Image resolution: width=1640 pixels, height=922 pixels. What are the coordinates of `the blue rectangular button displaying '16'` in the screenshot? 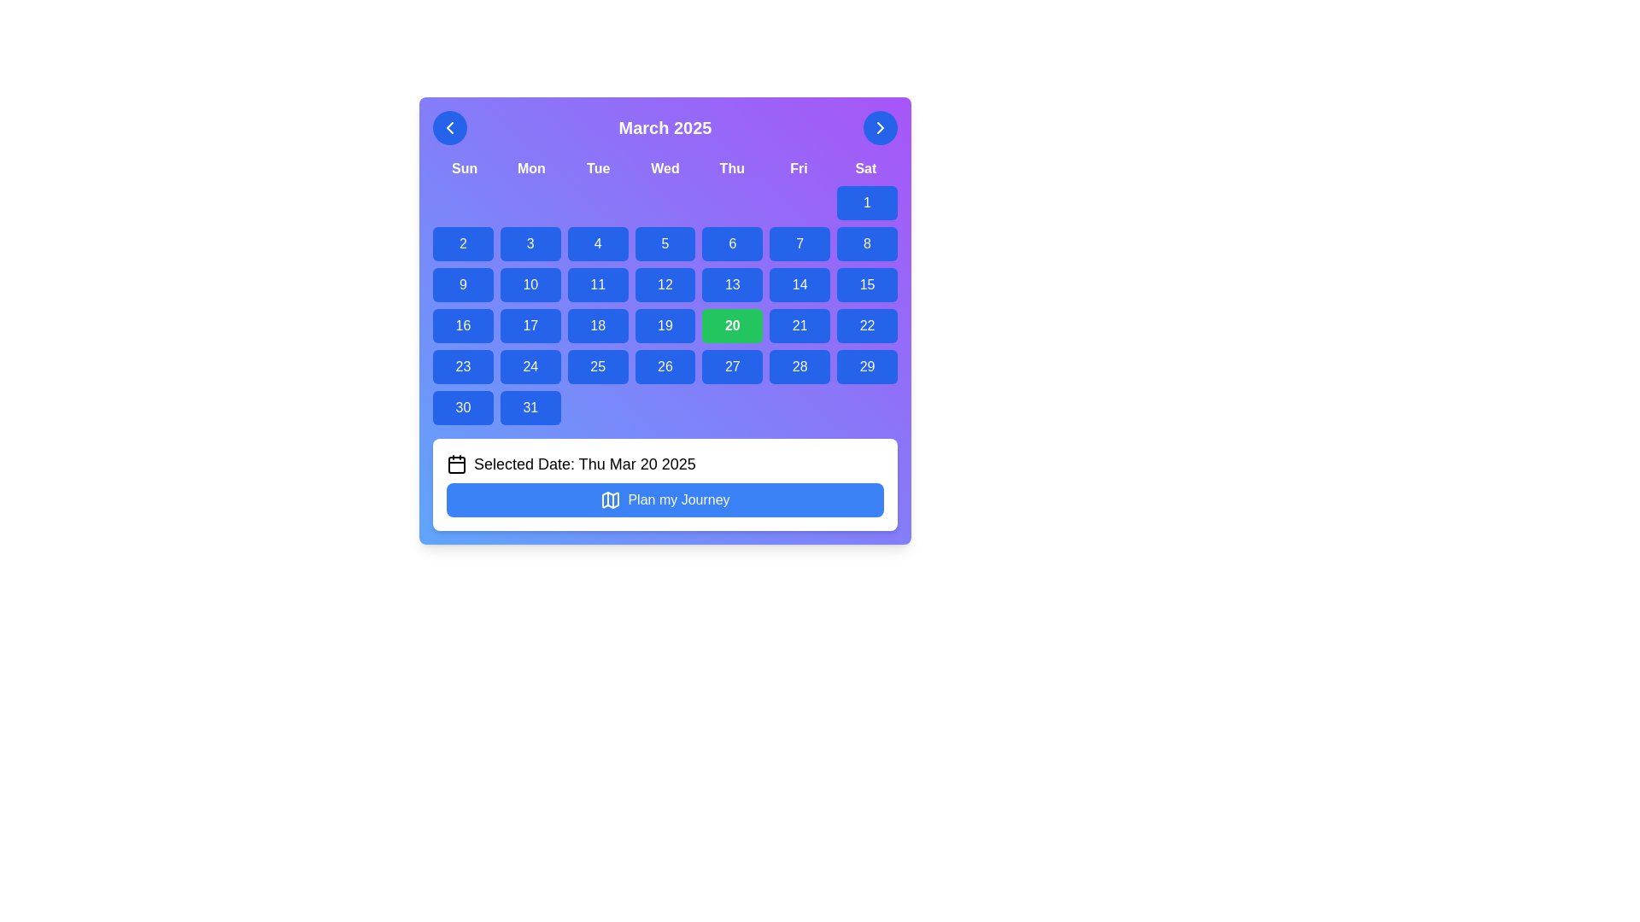 It's located at (463, 325).